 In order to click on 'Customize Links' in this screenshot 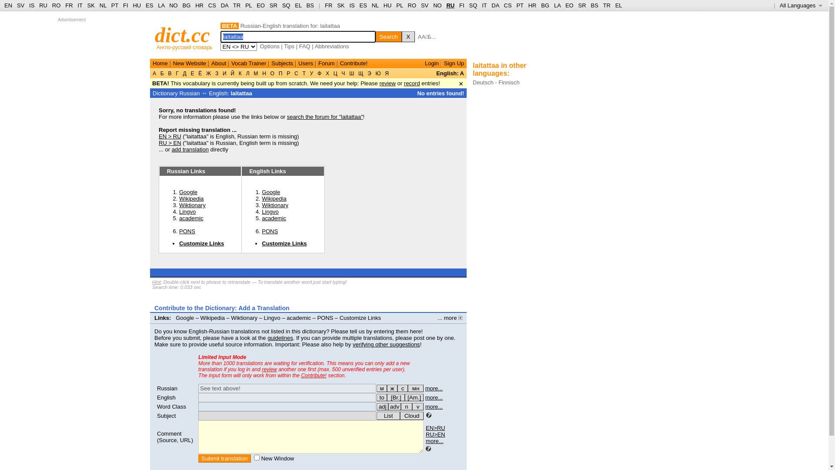, I will do `click(179, 243)`.